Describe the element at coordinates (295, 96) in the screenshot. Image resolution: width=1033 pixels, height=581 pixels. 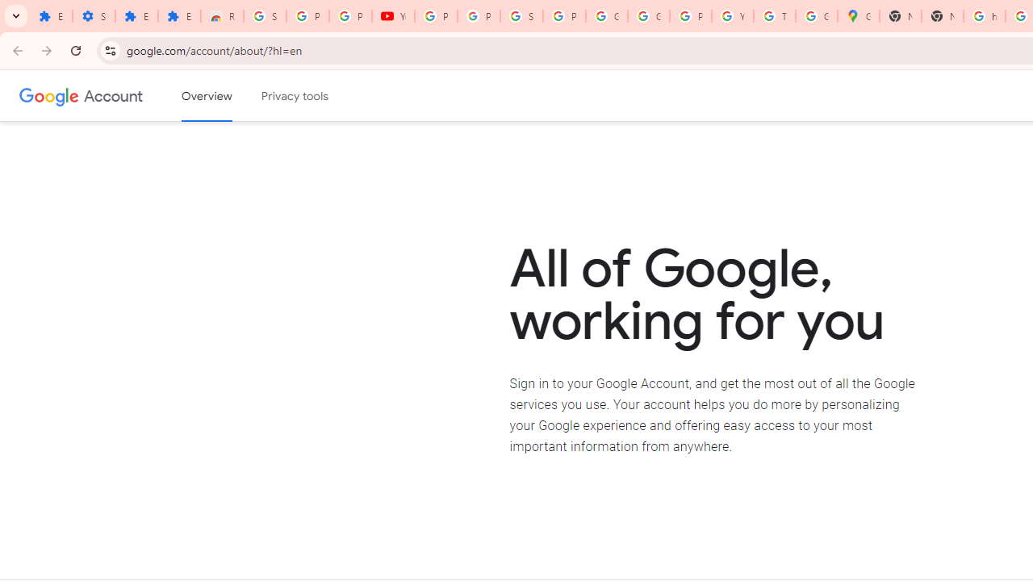
I see `'Privacy tools'` at that location.